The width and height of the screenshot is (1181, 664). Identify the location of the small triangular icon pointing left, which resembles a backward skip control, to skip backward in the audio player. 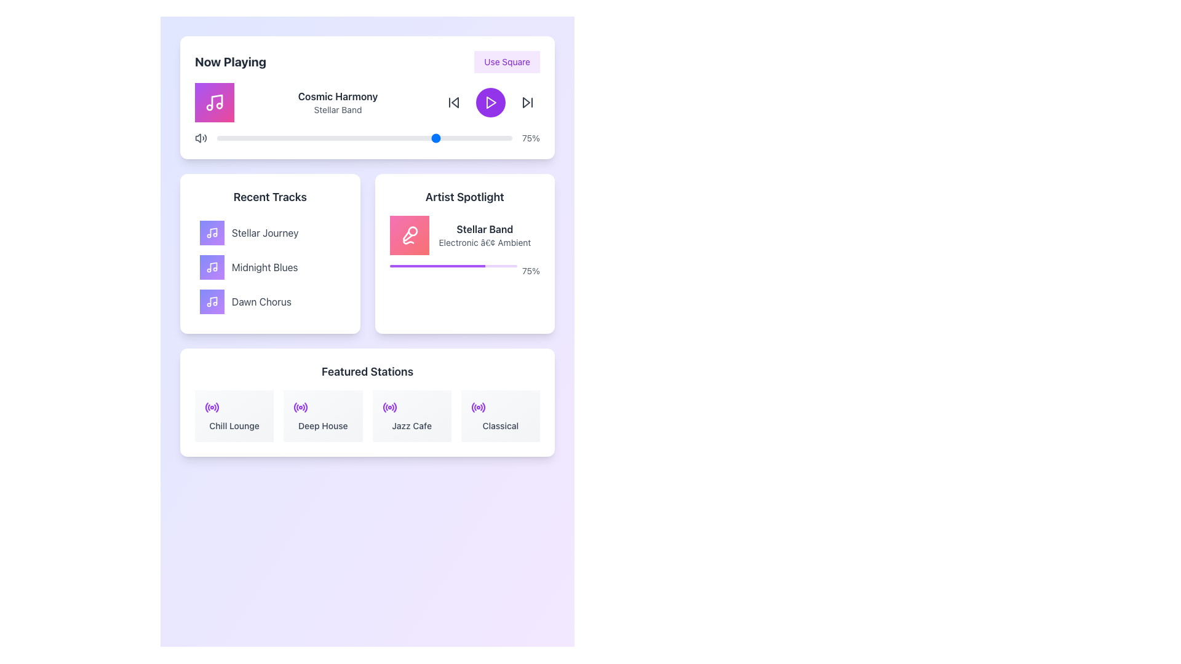
(454, 101).